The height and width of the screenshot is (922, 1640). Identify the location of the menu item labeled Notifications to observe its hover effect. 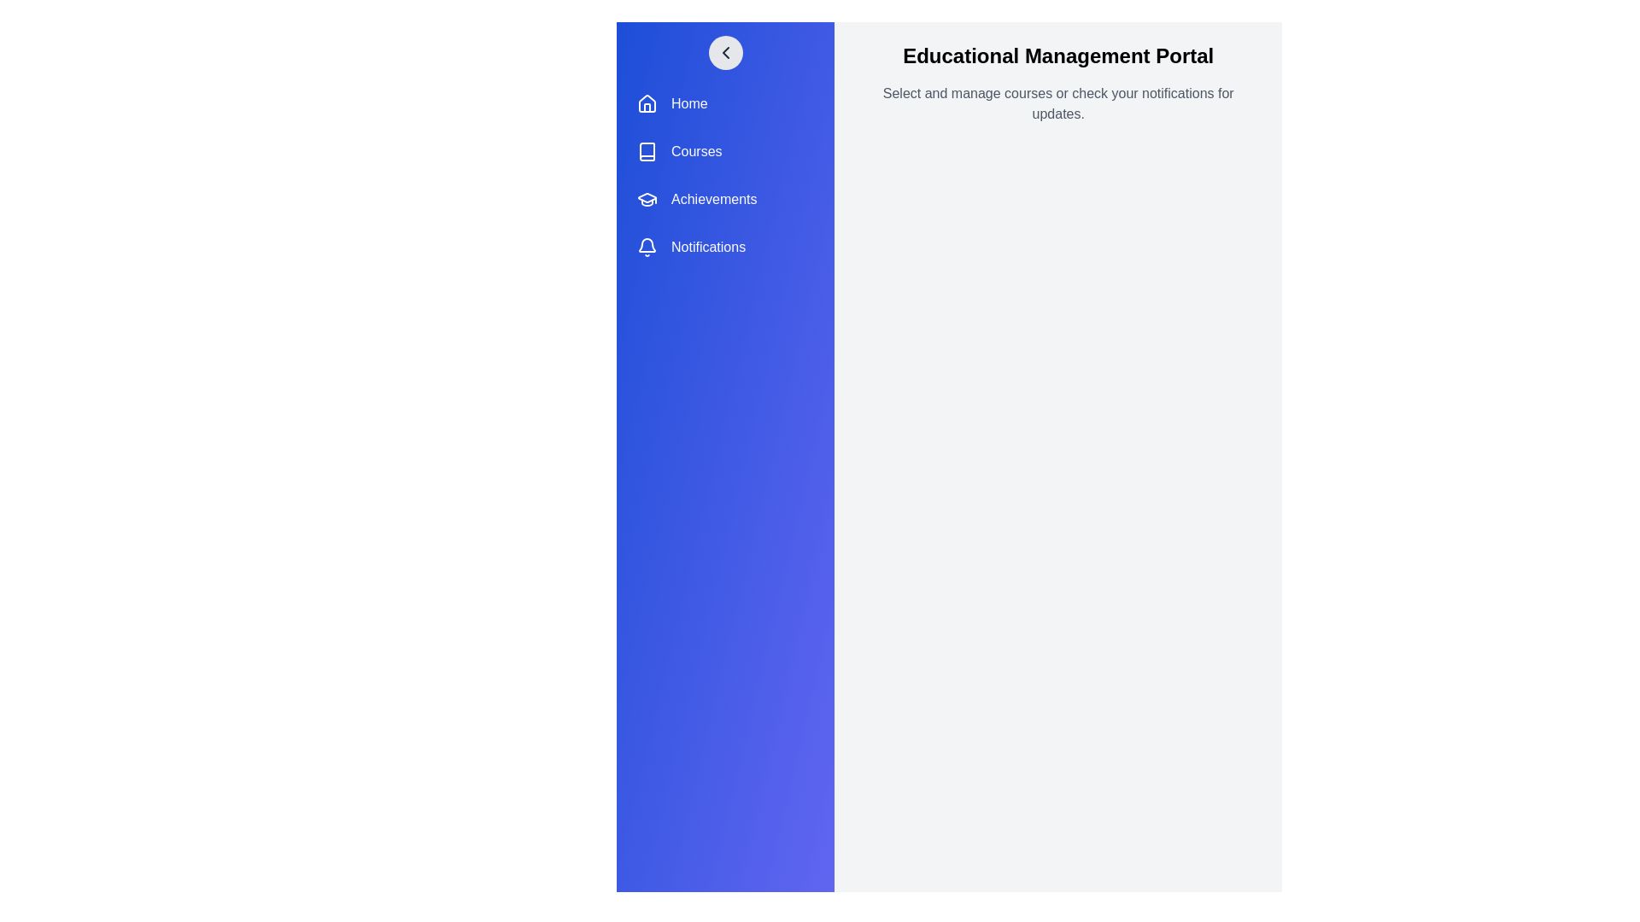
(725, 247).